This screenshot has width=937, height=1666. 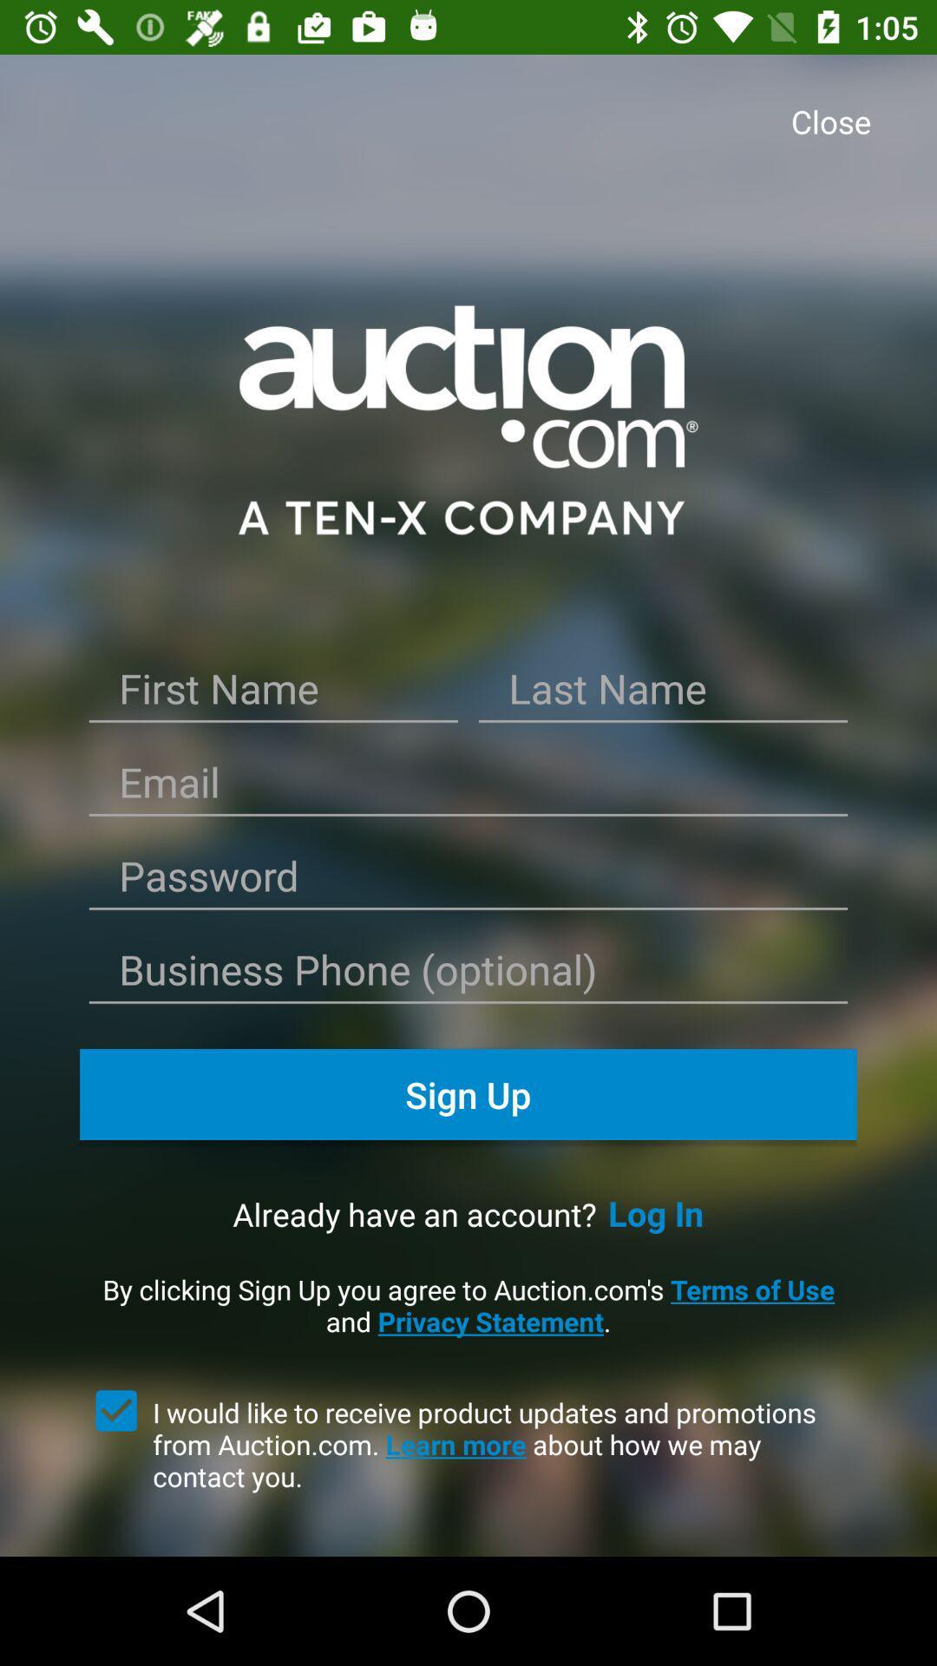 I want to click on by clicking sign icon, so click(x=468, y=1305).